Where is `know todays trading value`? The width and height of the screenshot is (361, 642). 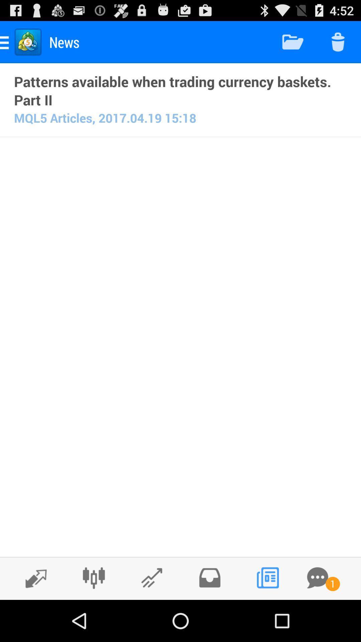 know todays trading value is located at coordinates (152, 577).